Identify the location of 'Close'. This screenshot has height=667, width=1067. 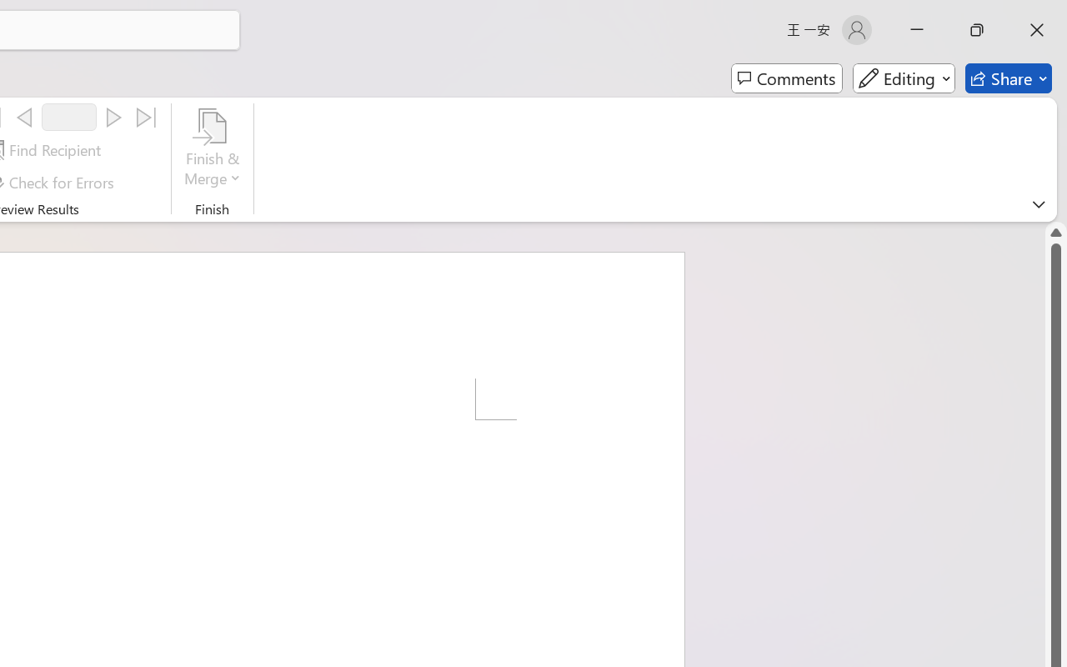
(1036, 29).